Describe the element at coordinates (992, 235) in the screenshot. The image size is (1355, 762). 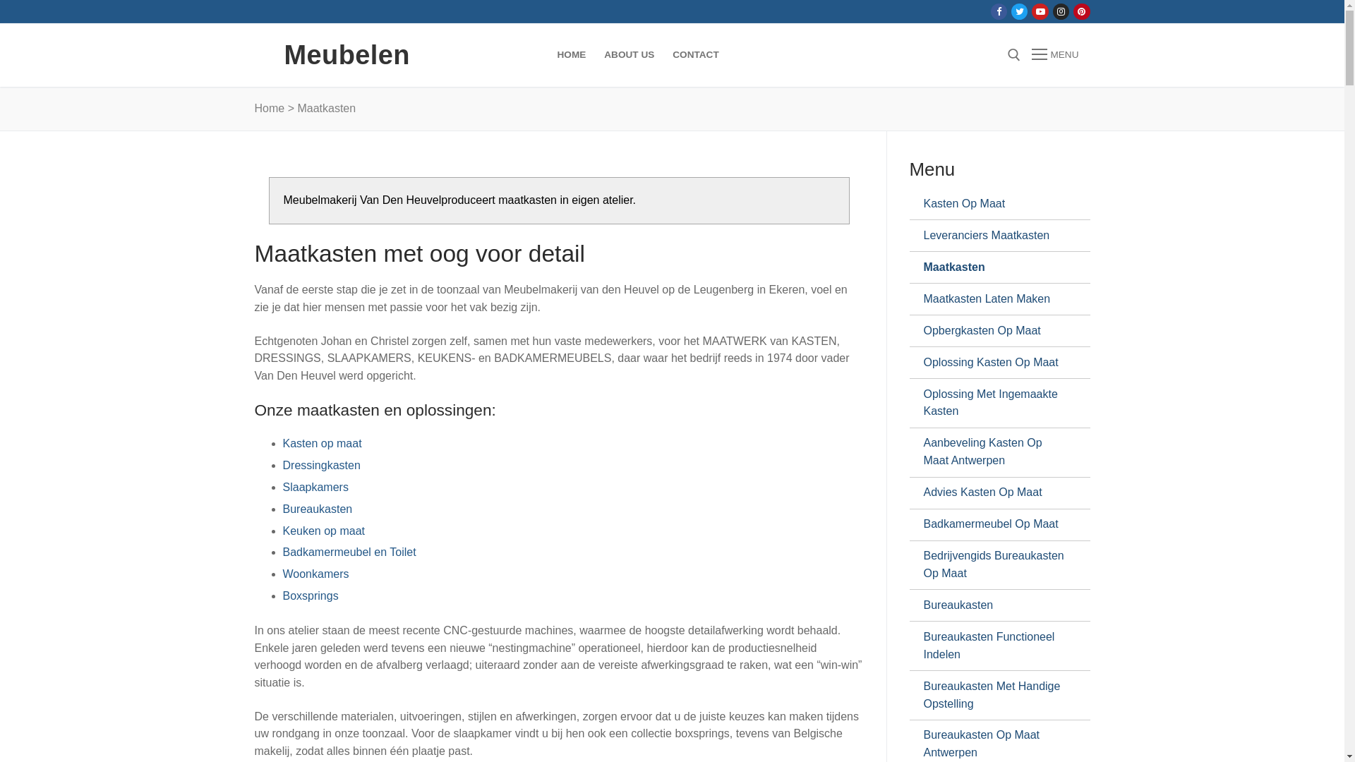
I see `'Leveranciers Maatkasten'` at that location.